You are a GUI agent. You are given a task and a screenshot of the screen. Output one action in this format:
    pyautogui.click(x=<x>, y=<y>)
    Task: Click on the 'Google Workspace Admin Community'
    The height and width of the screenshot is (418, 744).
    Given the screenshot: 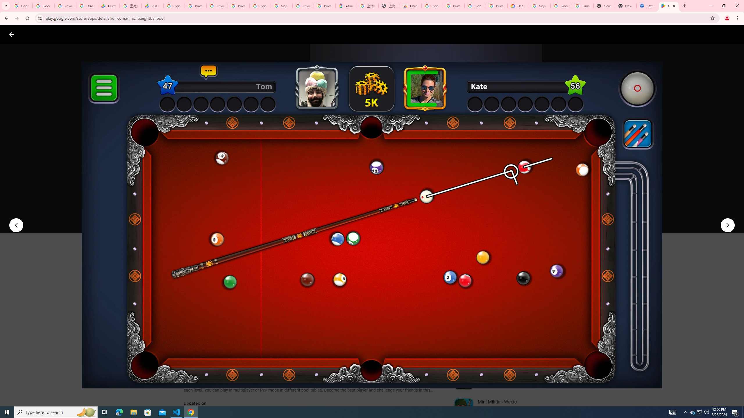 What is the action you would take?
    pyautogui.click(x=21, y=6)
    